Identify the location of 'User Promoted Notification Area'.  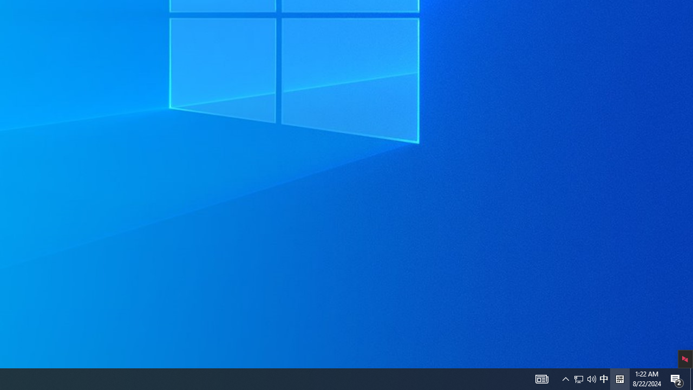
(541, 378).